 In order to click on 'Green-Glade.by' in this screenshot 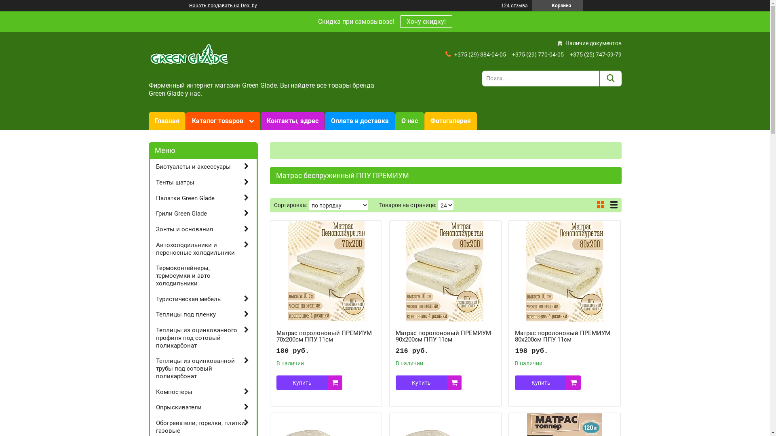, I will do `click(189, 57)`.